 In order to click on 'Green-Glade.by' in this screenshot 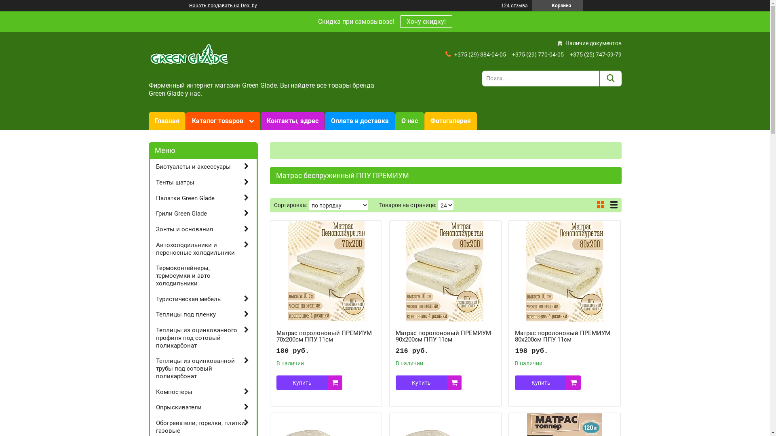, I will do `click(189, 57)`.